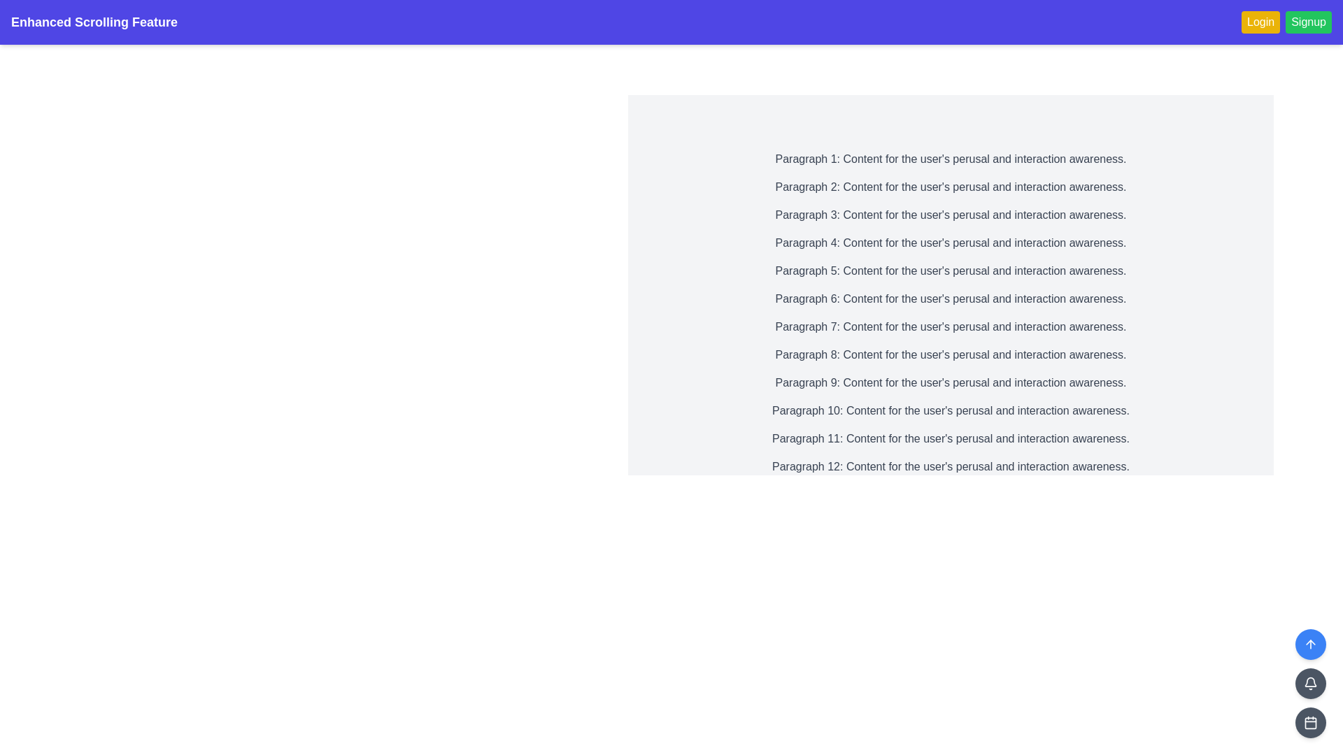 This screenshot has height=755, width=1343. I want to click on the text block displaying 'Paragraph 7: Content for the user's perusal and interaction awareness.', so click(951, 326).